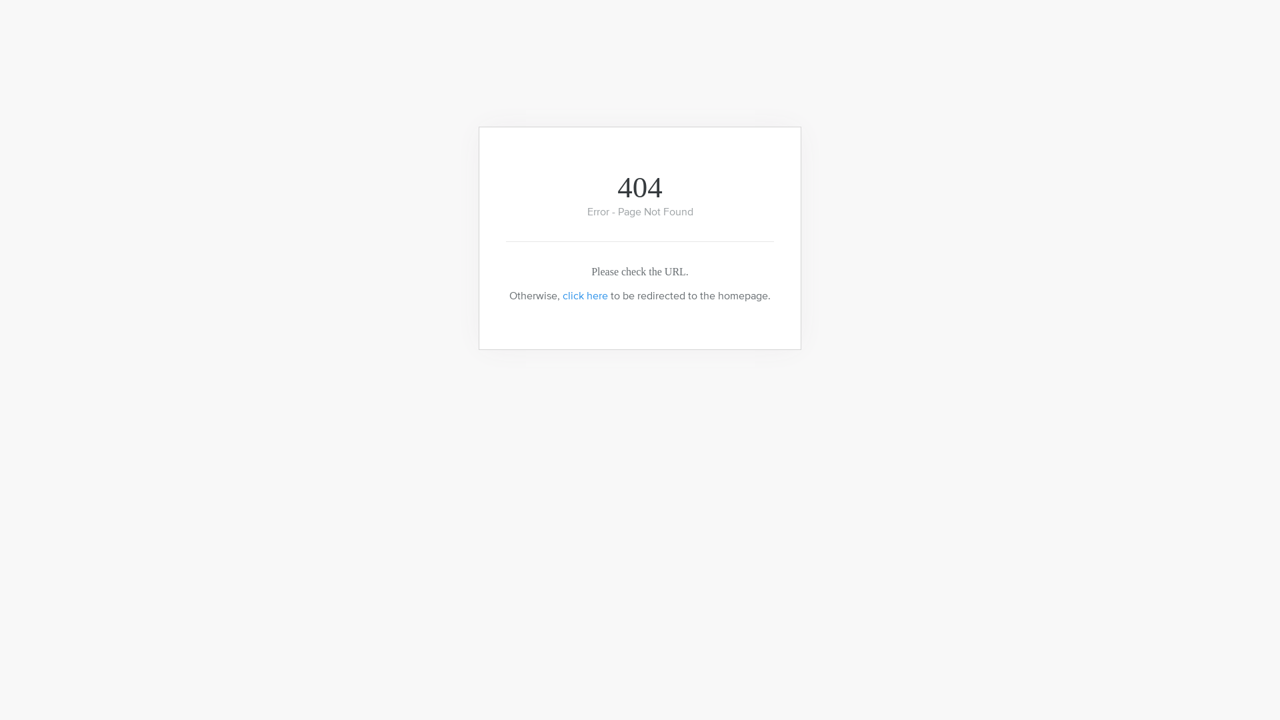 Image resolution: width=1280 pixels, height=720 pixels. Describe the element at coordinates (563, 295) in the screenshot. I see `'click here'` at that location.